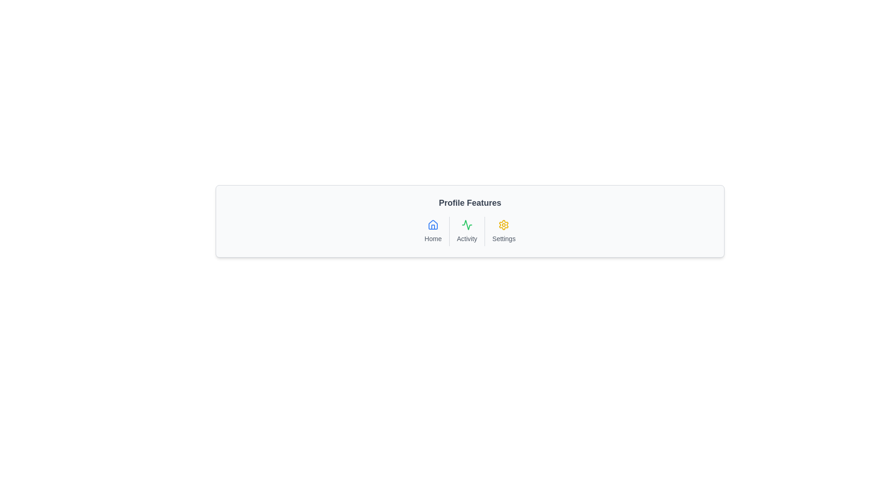 The width and height of the screenshot is (881, 496). I want to click on the gear icon located in the bottom right corner of the row, so click(503, 225).